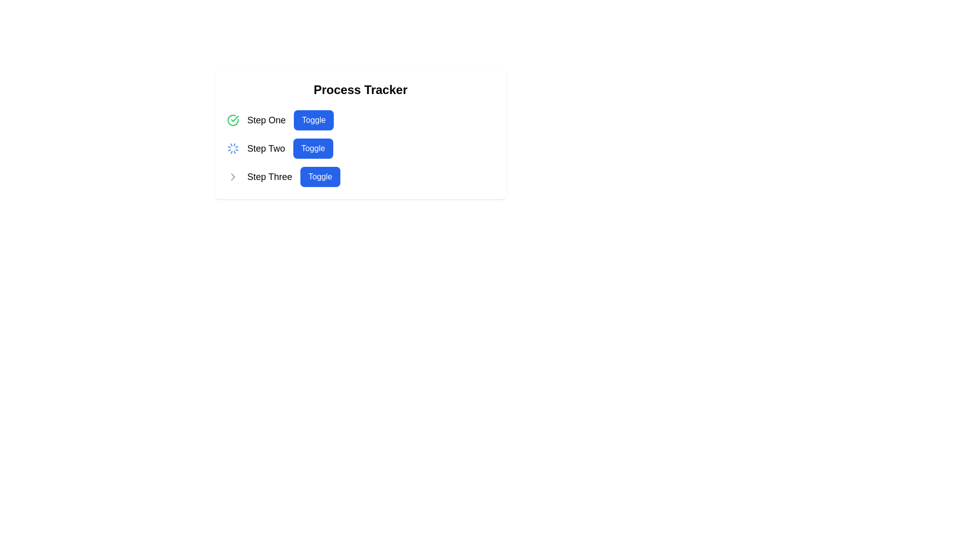  What do you see at coordinates (232, 176) in the screenshot?
I see `the Chevron icon located to the left of the 'Step Three' text, which indicates a navigational or expandable function` at bounding box center [232, 176].